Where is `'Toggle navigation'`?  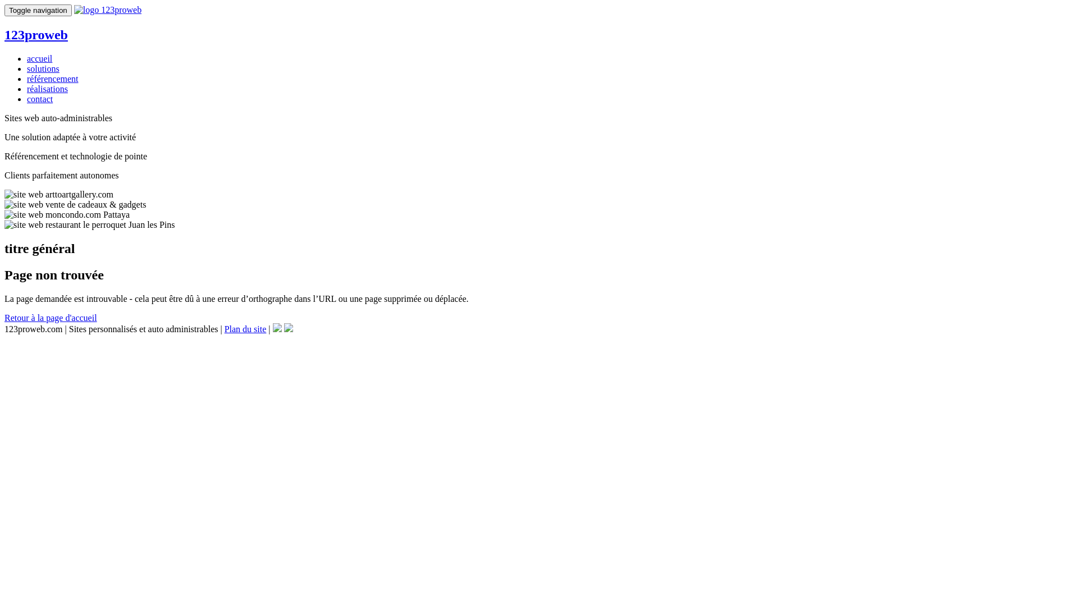 'Toggle navigation' is located at coordinates (38, 10).